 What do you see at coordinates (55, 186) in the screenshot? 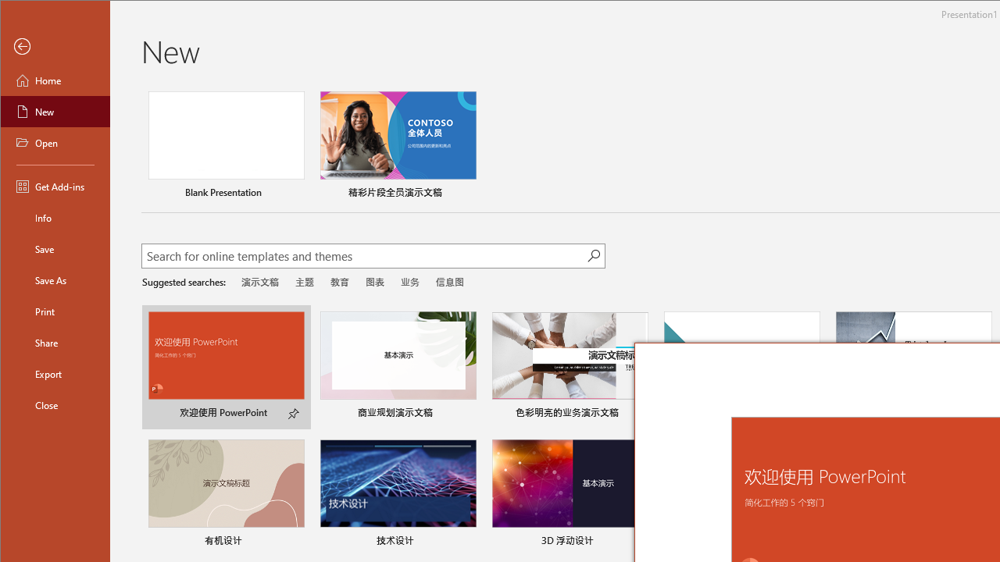
I see `'Get Add-ins'` at bounding box center [55, 186].